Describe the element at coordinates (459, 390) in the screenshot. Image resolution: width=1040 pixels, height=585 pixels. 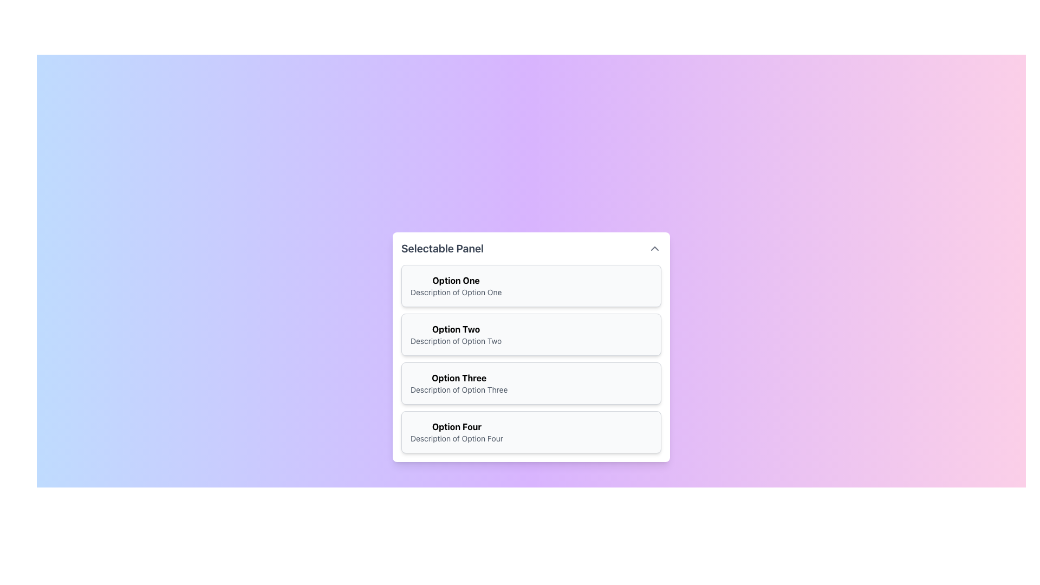
I see `the Text Label that provides additional descriptive information about 'Option Three', located beneath the title 'Option Three' within the selectable panel` at that location.